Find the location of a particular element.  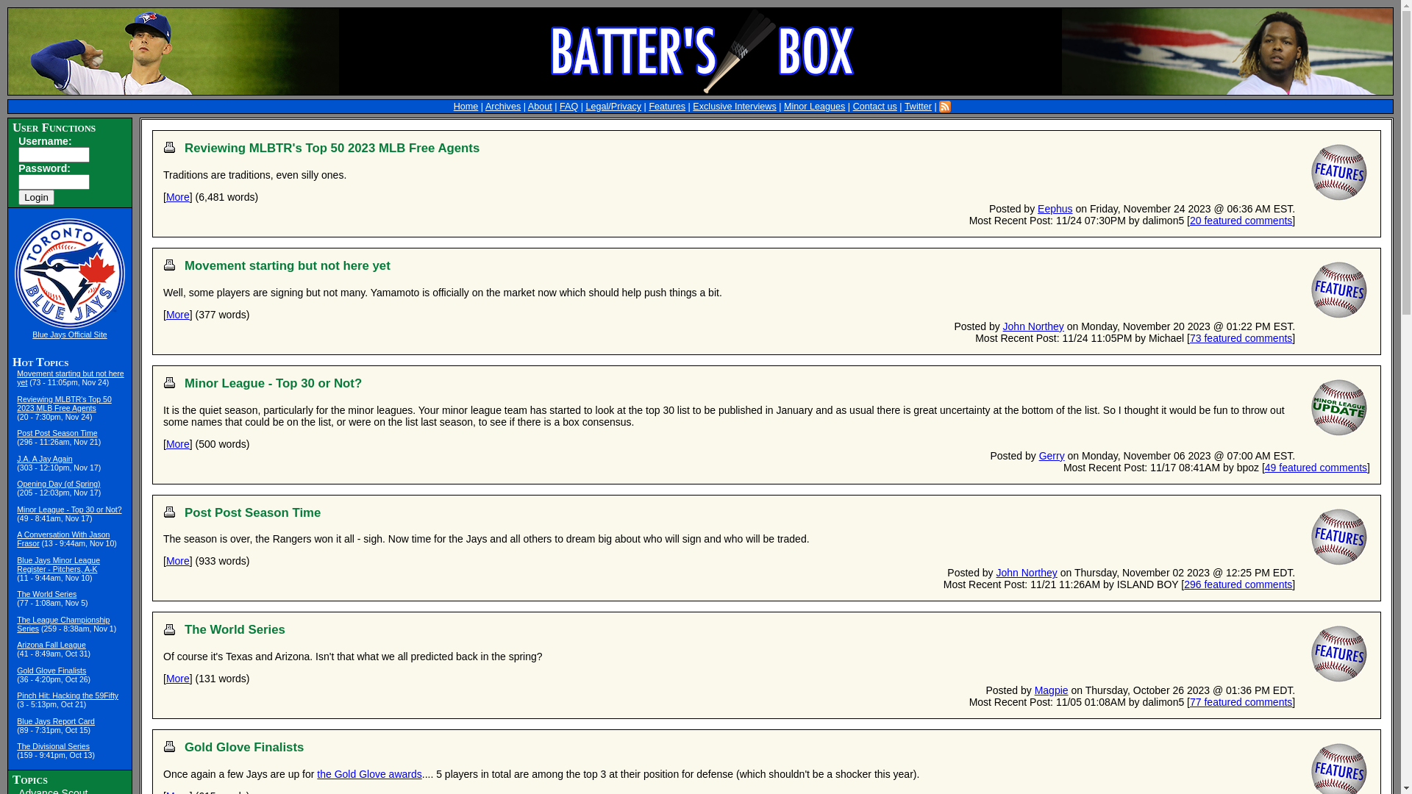

'The Divisional Series' is located at coordinates (53, 745).